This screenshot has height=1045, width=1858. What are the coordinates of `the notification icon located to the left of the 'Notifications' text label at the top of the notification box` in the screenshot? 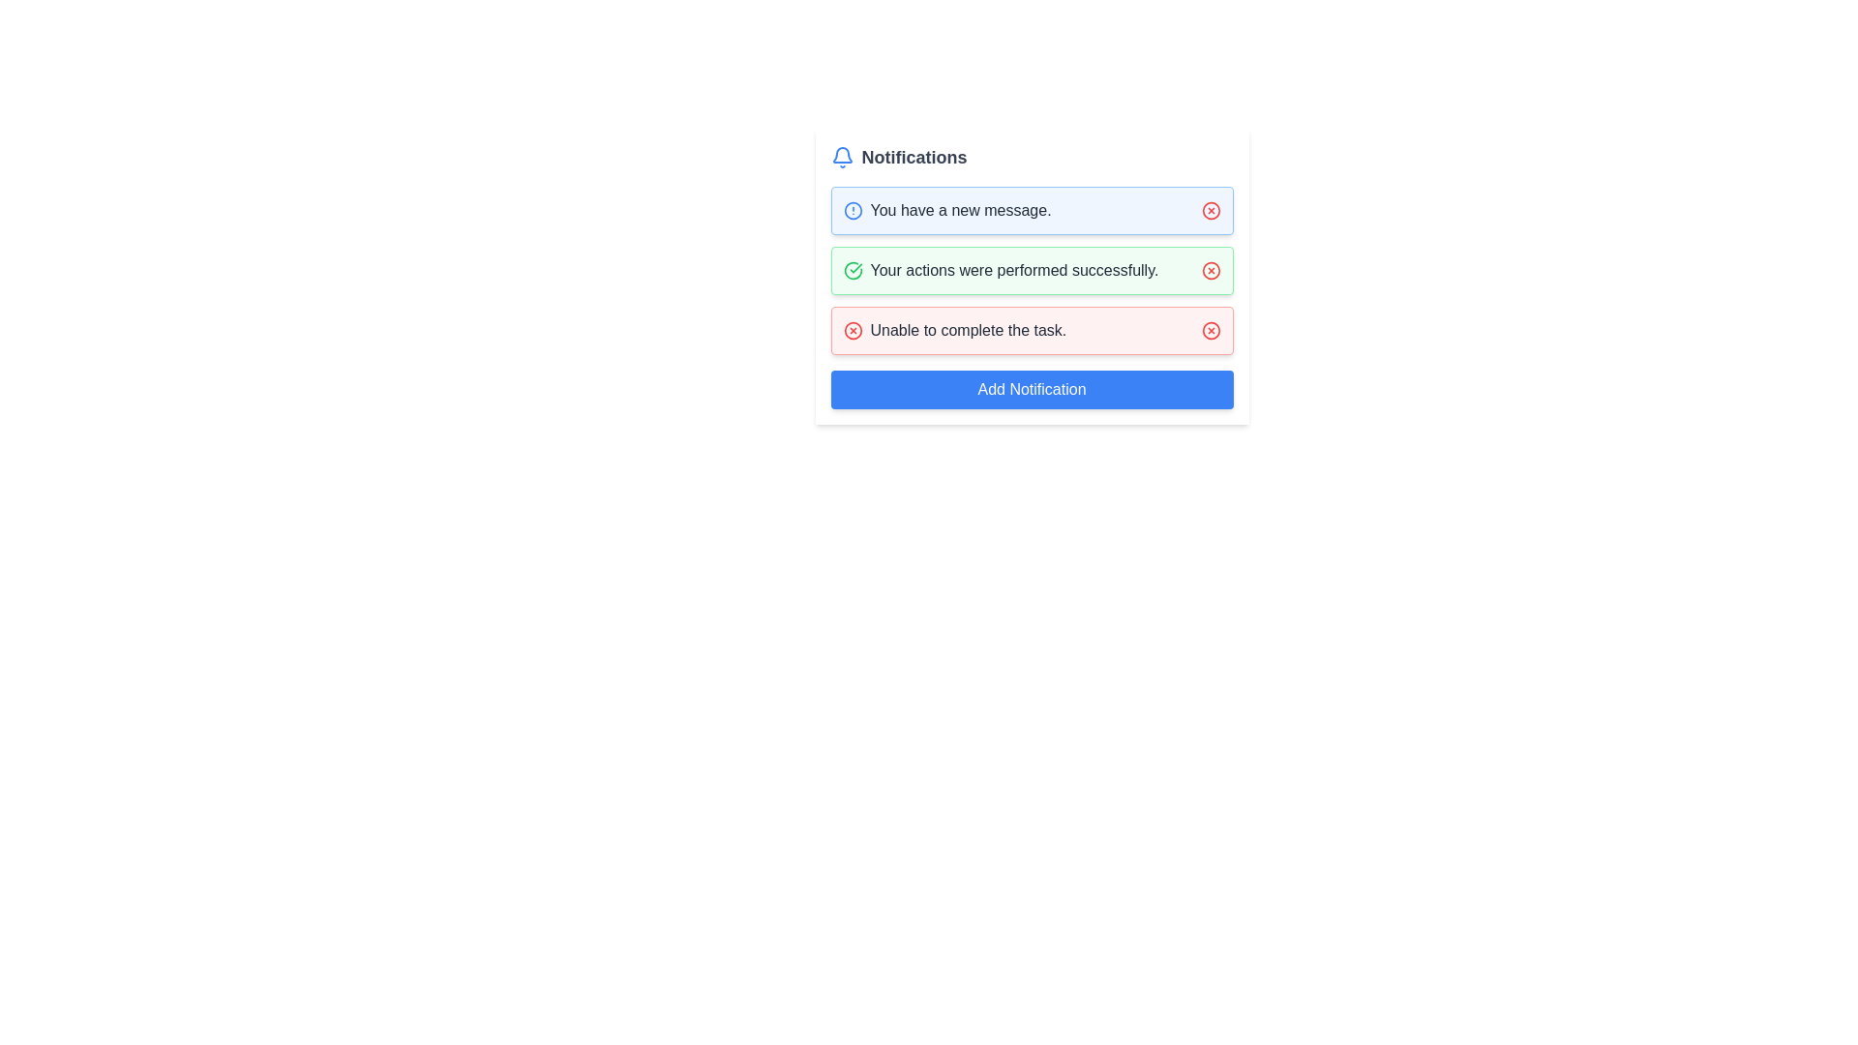 It's located at (842, 156).